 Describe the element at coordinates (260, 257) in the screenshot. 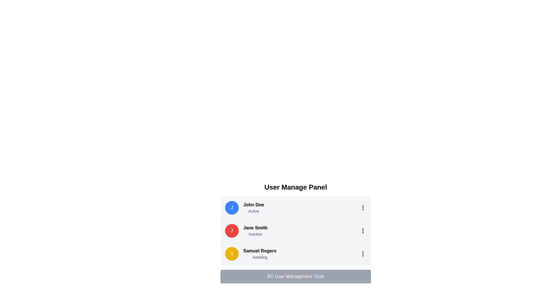

I see `the status indicator text label that shows the 'Awaiting' state, located below 'Samuel Rogers' in the third user list entry of the User Manage Panel` at that location.